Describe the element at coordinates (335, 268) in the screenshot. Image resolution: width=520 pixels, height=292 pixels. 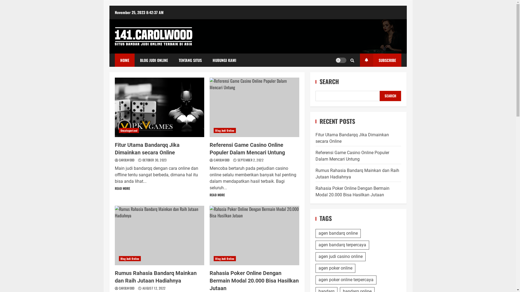
I see `'agen poker online'` at that location.